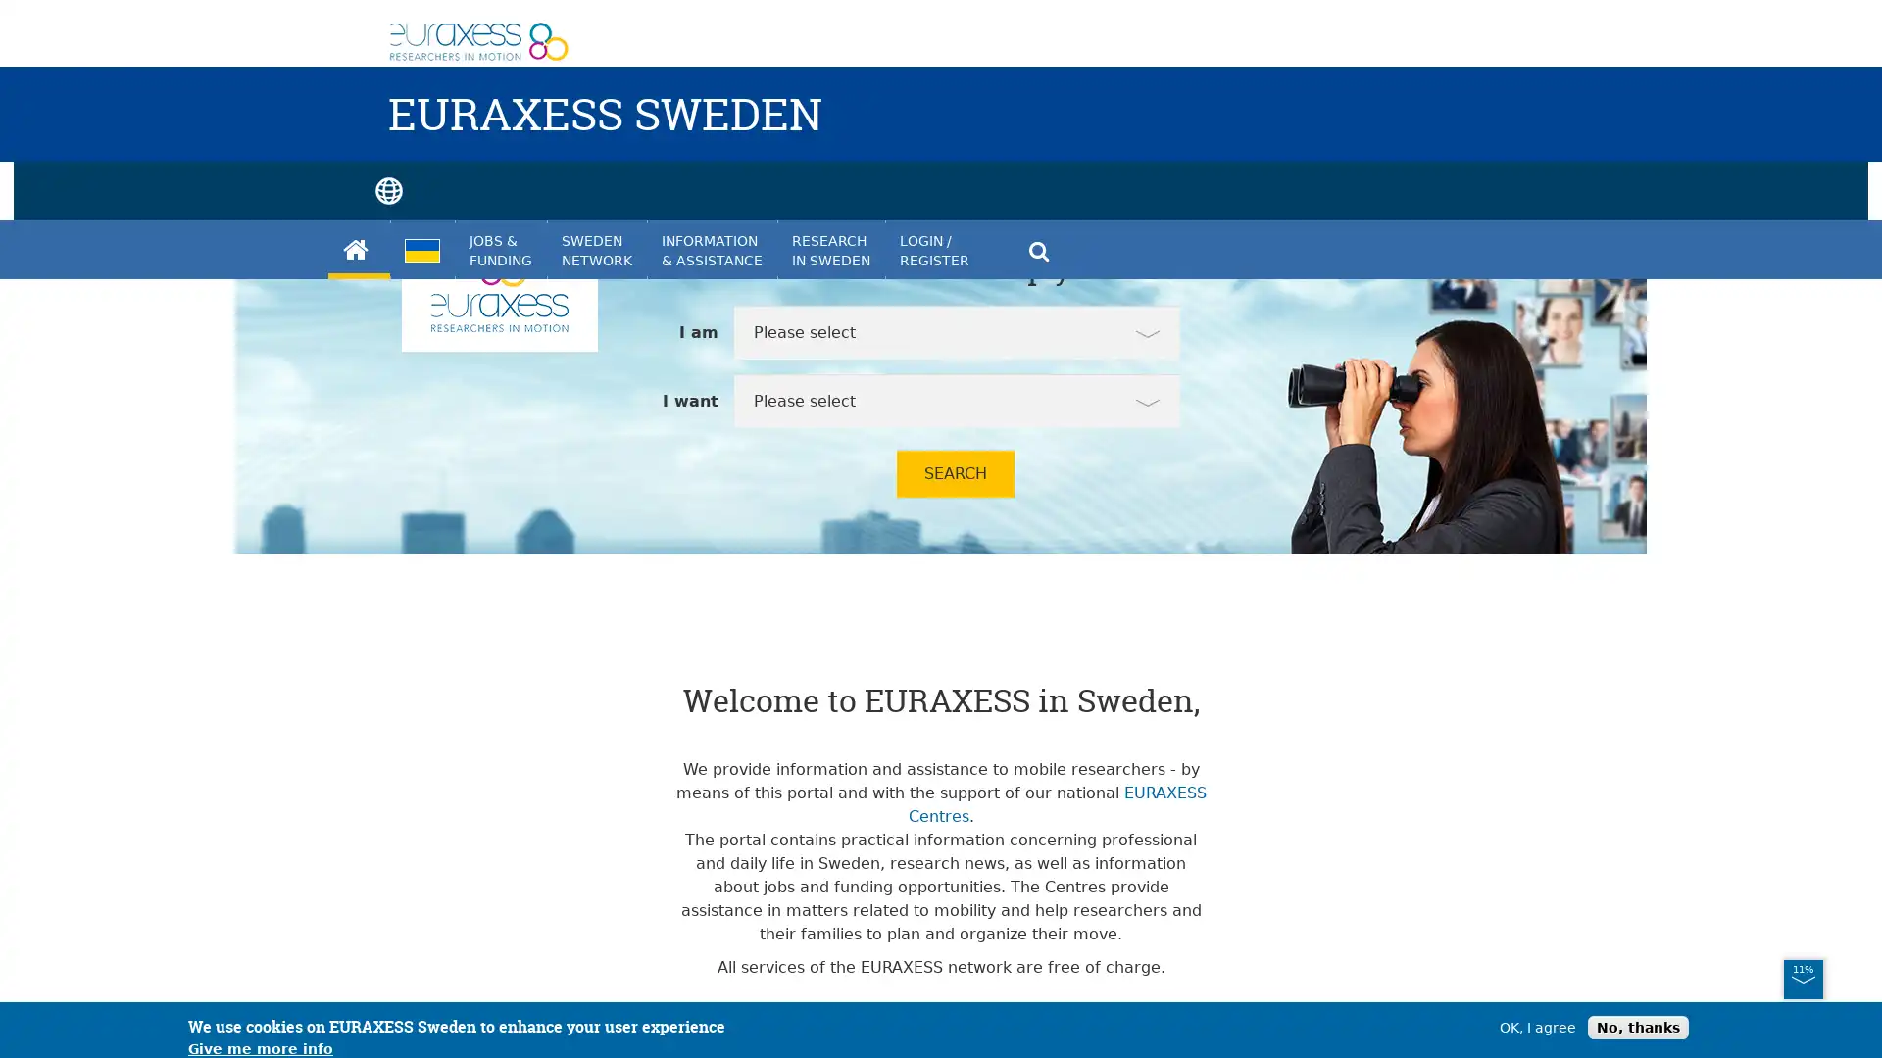  What do you see at coordinates (259, 1048) in the screenshot?
I see `Give me more info` at bounding box center [259, 1048].